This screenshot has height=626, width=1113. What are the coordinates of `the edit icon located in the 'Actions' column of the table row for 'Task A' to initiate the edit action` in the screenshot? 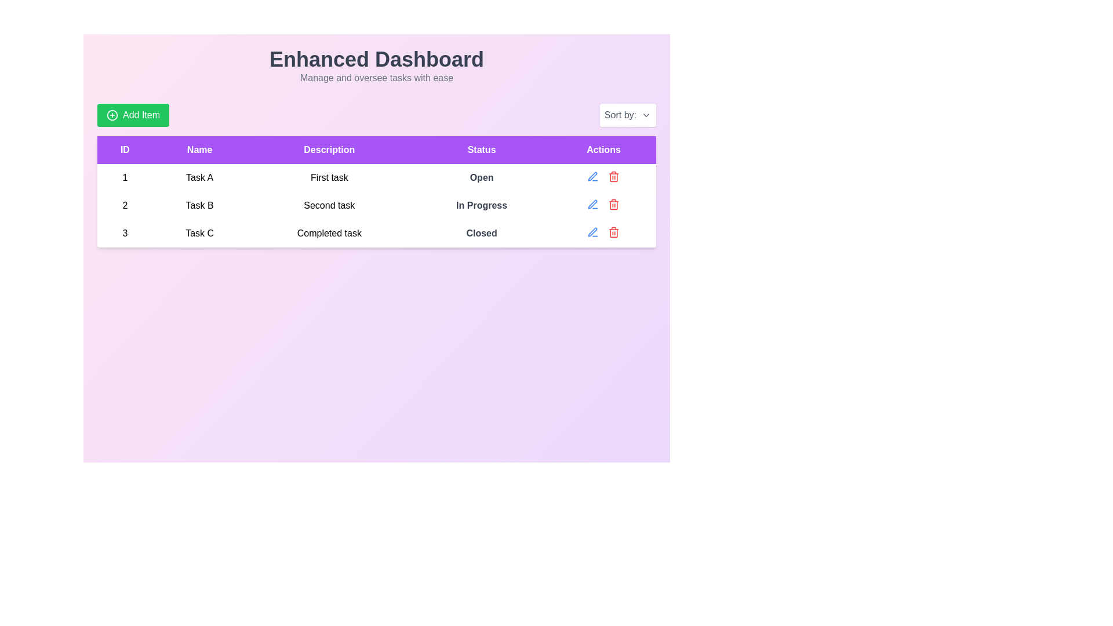 It's located at (592, 203).